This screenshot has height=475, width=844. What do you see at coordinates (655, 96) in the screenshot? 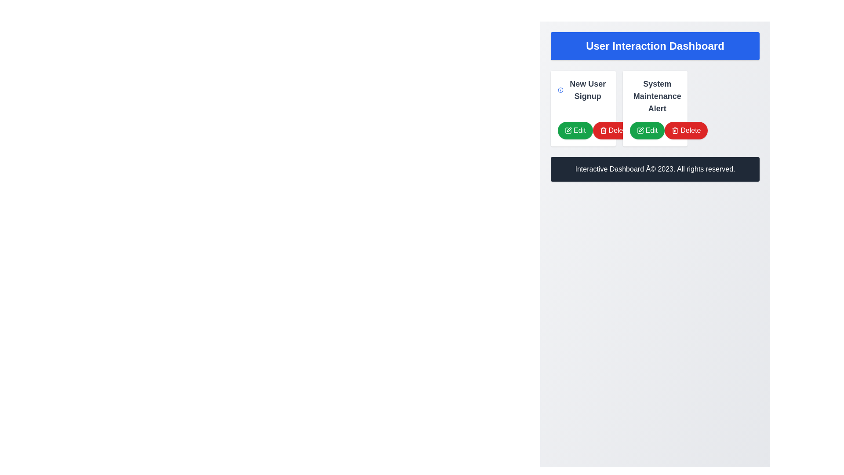
I see `text label displaying 'System Maintenance Alert' which is centrally aligned in the second card of the User Interaction Dashboard` at bounding box center [655, 96].